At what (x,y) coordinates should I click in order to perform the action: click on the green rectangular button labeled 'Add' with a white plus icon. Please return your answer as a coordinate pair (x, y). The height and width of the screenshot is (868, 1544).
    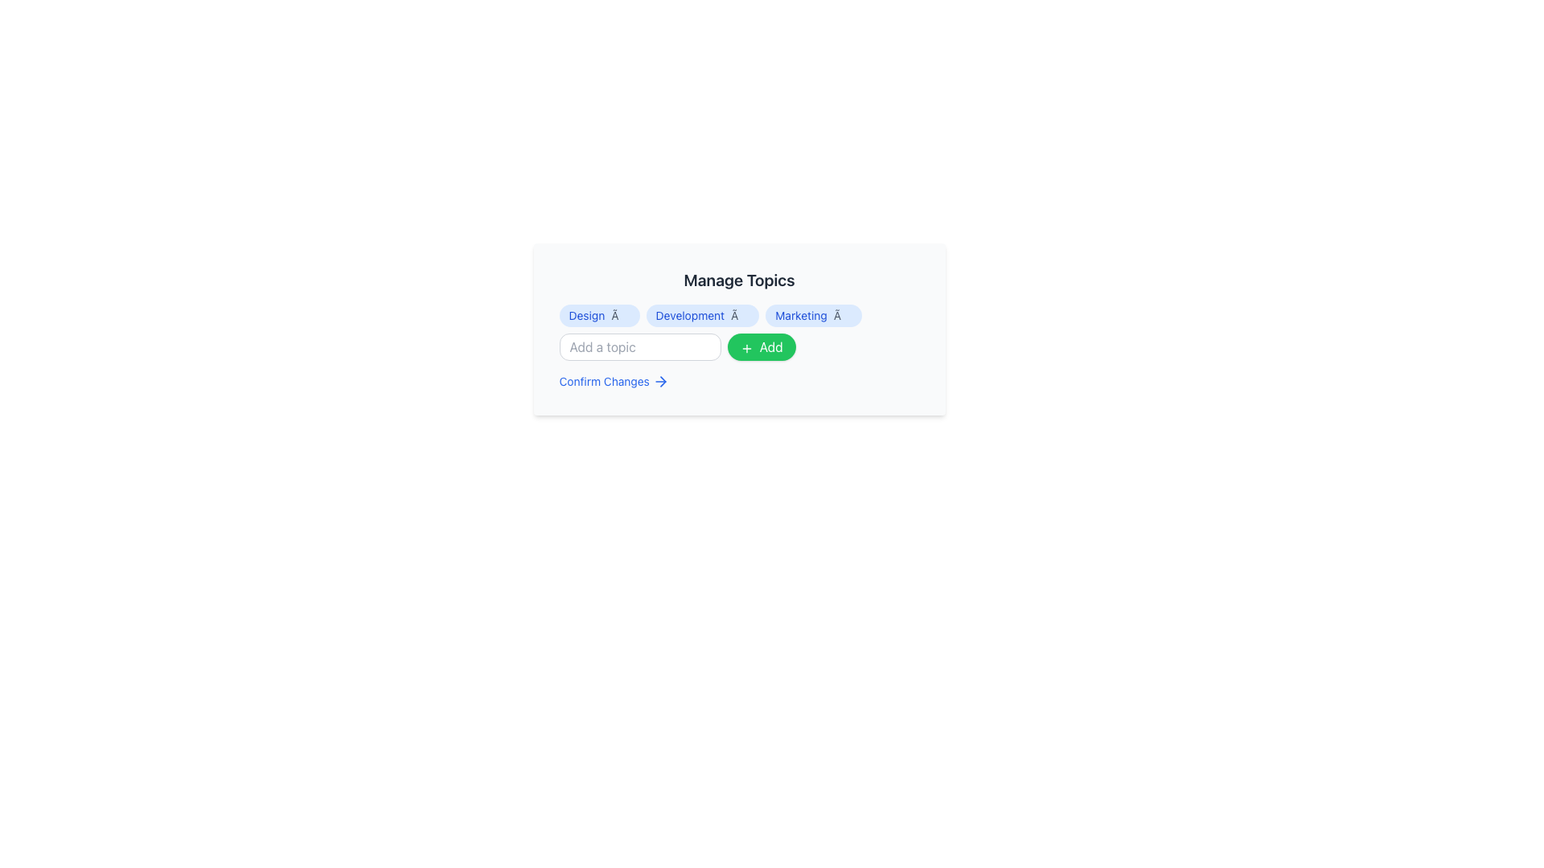
    Looking at the image, I should click on (761, 346).